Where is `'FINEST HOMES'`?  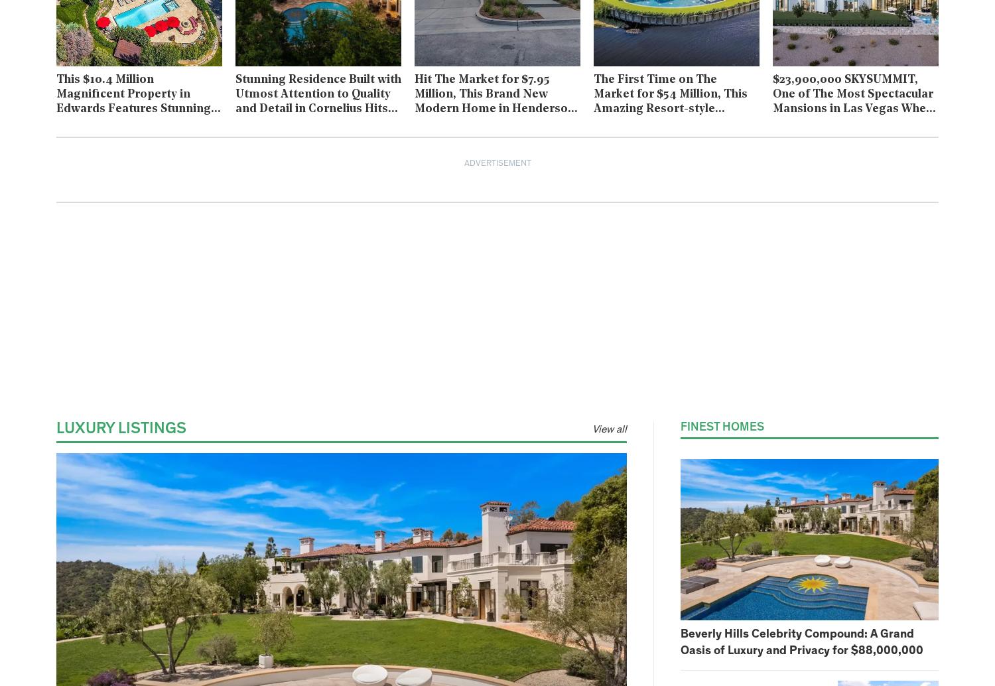 'FINEST HOMES' is located at coordinates (722, 427).